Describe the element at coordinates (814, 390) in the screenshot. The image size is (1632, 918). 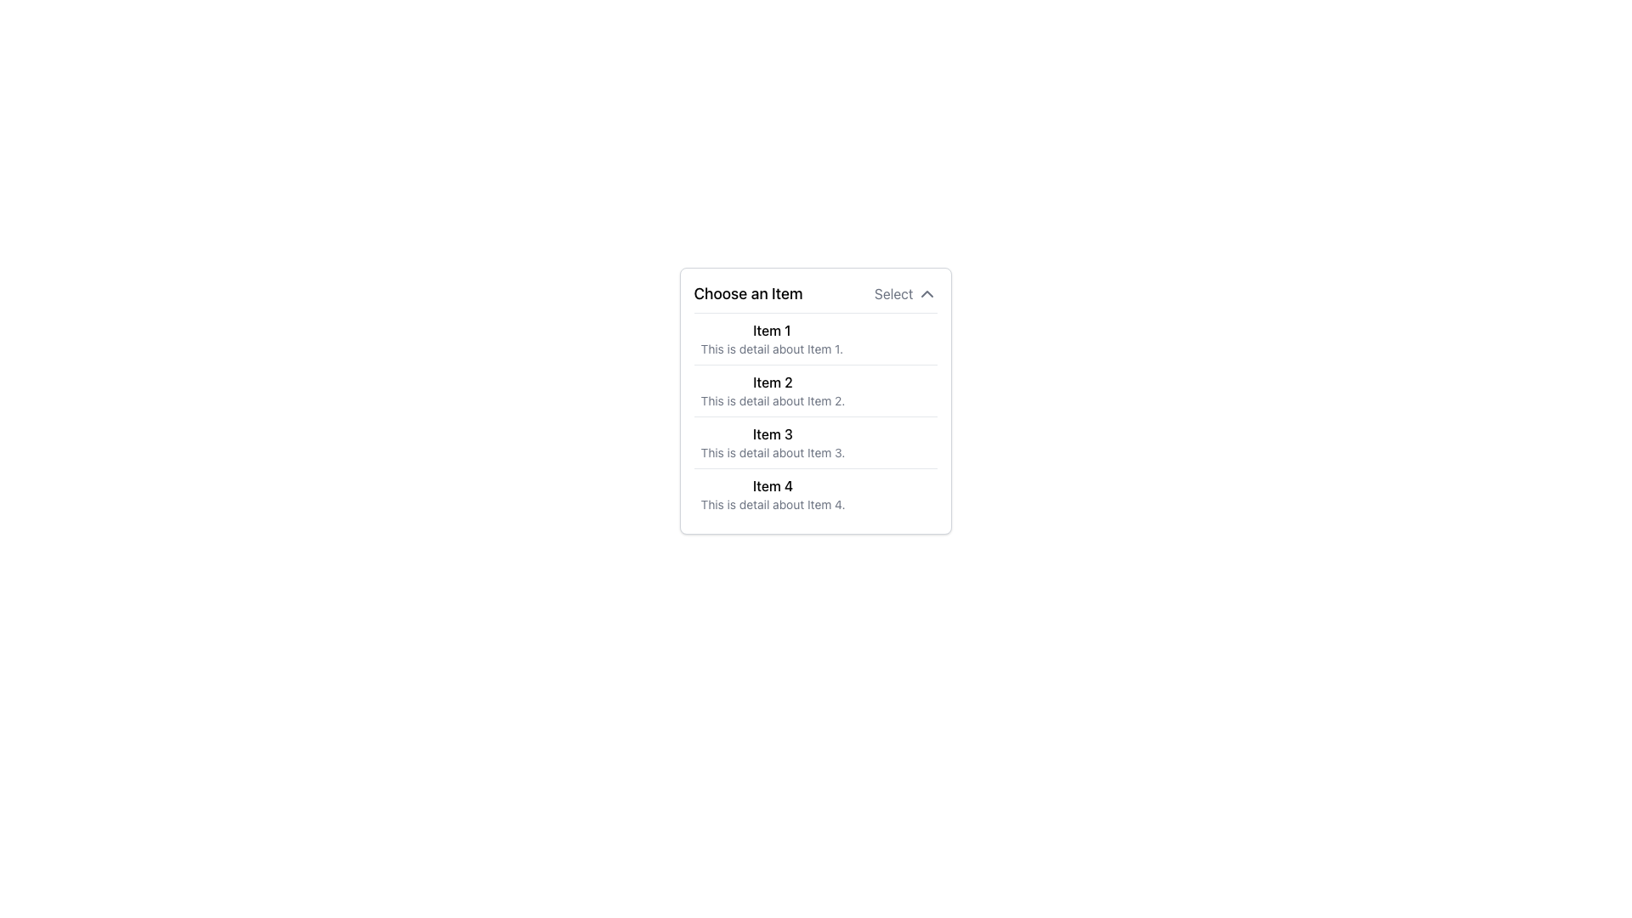
I see `the second list item that displays a title and description, located between 'Item 1' and 'Item 3'` at that location.